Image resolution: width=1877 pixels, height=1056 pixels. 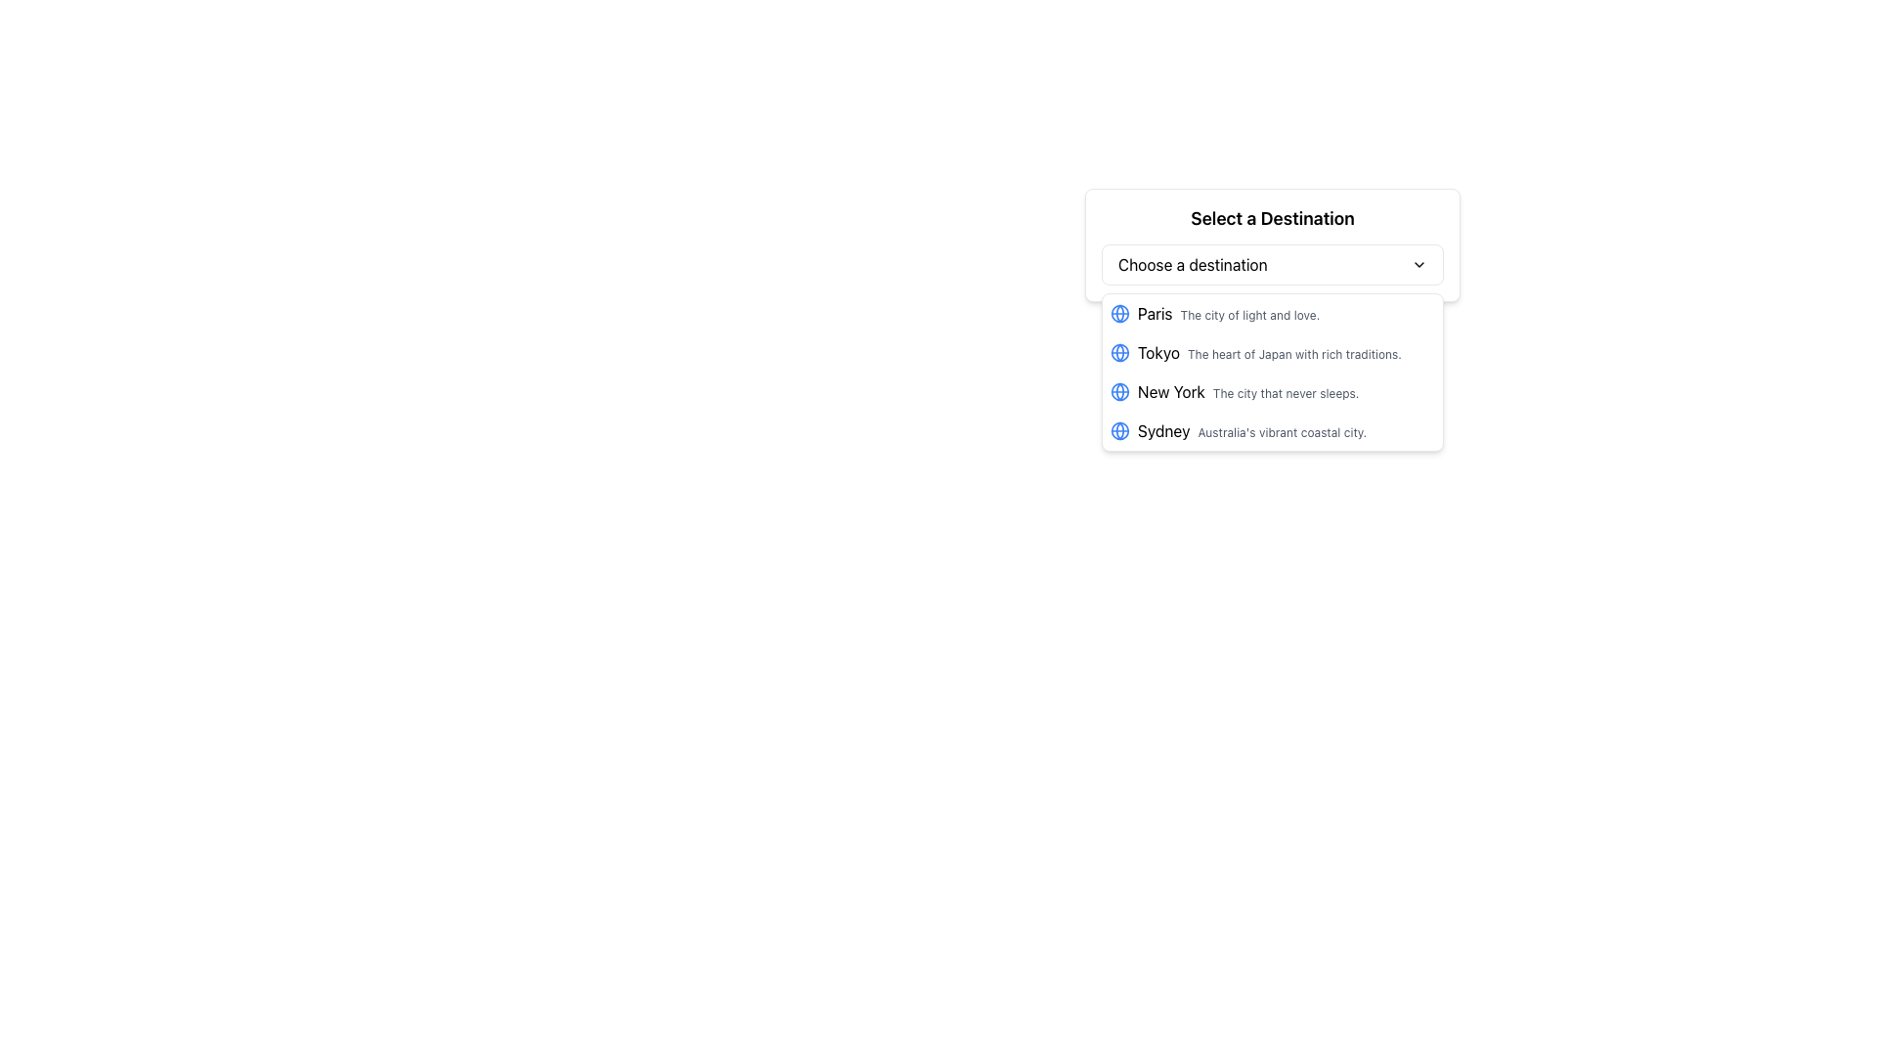 What do you see at coordinates (1272, 429) in the screenshot?
I see `to select the dropdown list item displaying 'Sydney Australia's vibrant coastal city', which includes a blue globe icon and is the fourth choice in the dropdown menu` at bounding box center [1272, 429].